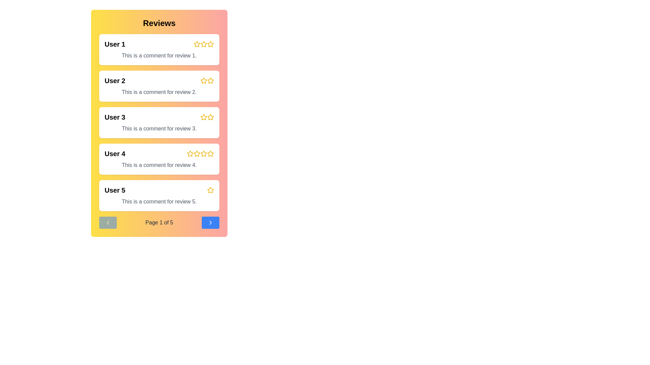 The image size is (650, 365). I want to click on the fourth rating star icon located, so click(210, 44).